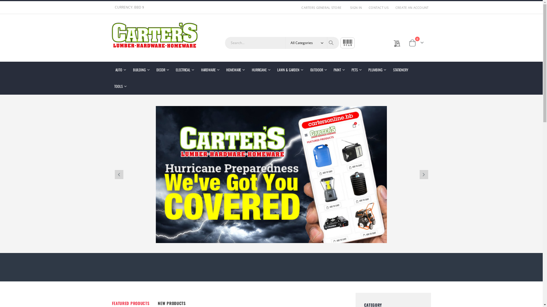  What do you see at coordinates (141, 70) in the screenshot?
I see `'BUILDING'` at bounding box center [141, 70].